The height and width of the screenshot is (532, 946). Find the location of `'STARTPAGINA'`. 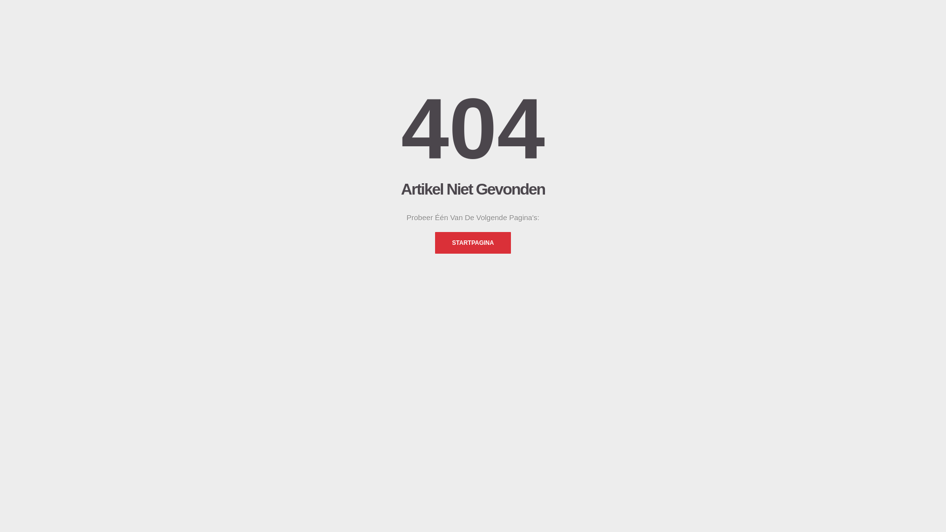

'STARTPAGINA' is located at coordinates (435, 243).